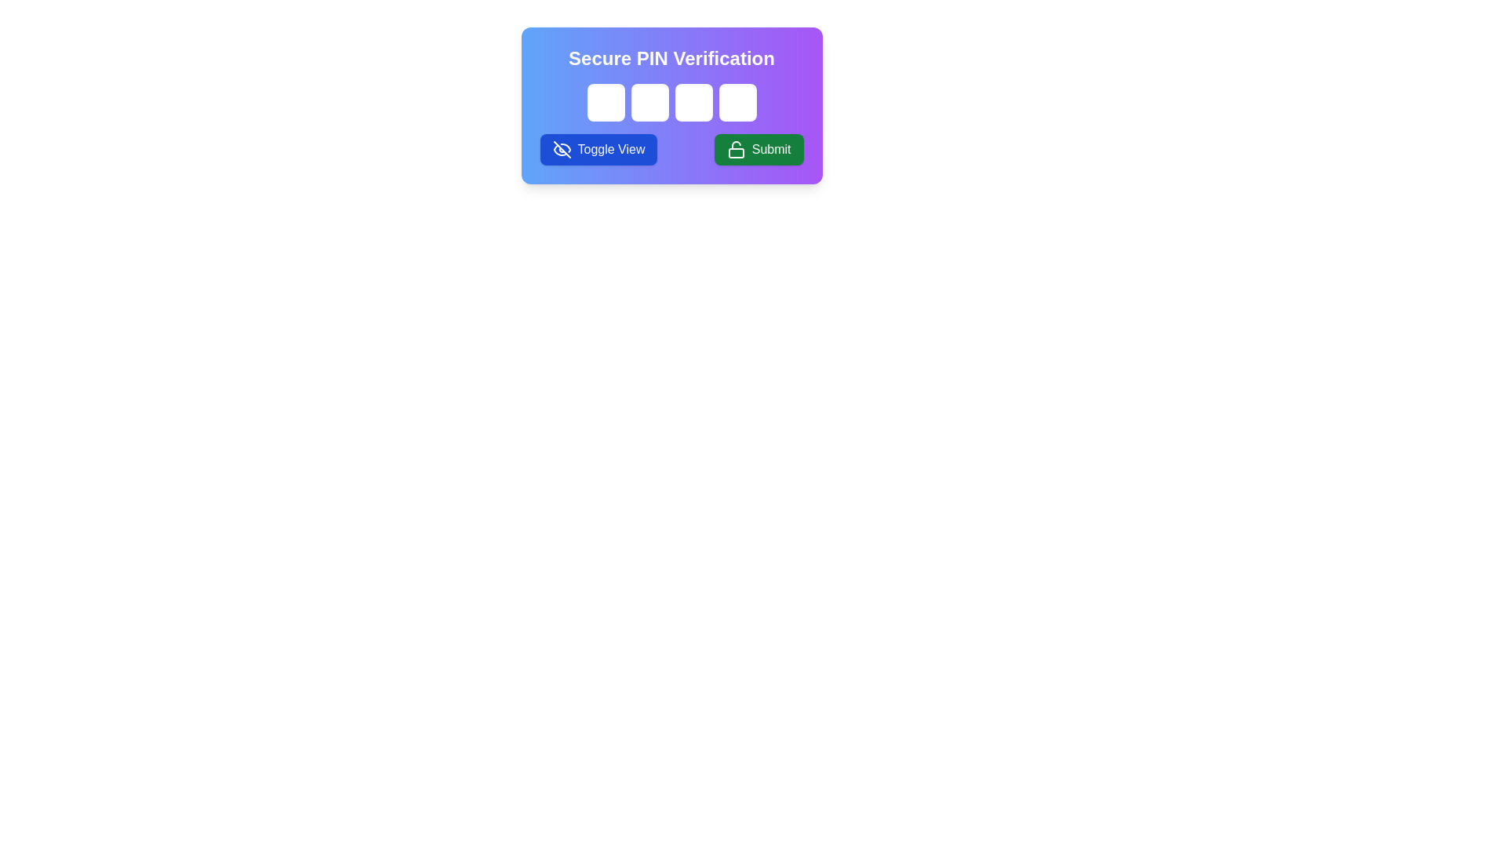 The height and width of the screenshot is (847, 1506). What do you see at coordinates (671, 106) in the screenshot?
I see `the input field within the 'Secure PIN Verification' card layout to focus on it` at bounding box center [671, 106].